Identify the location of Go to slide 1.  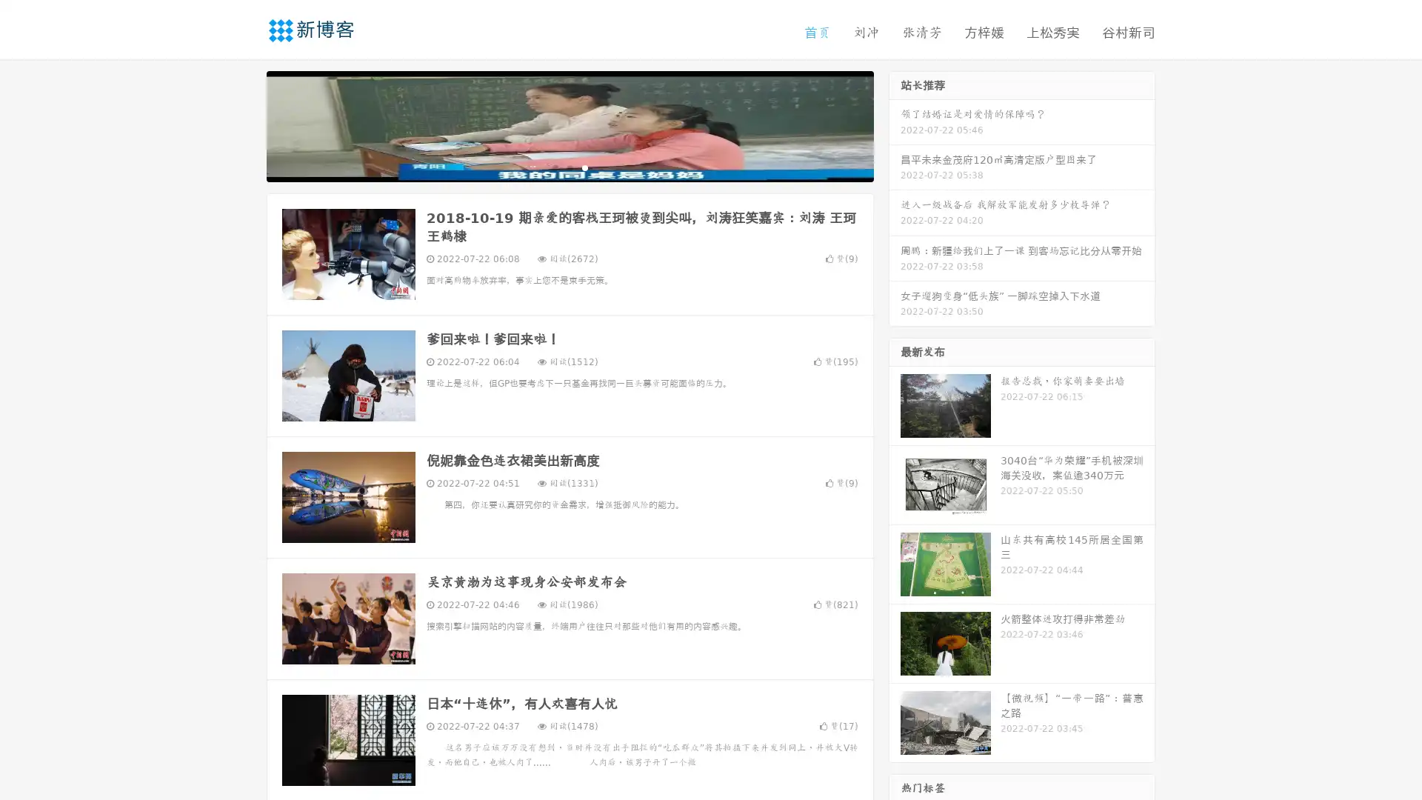
(554, 167).